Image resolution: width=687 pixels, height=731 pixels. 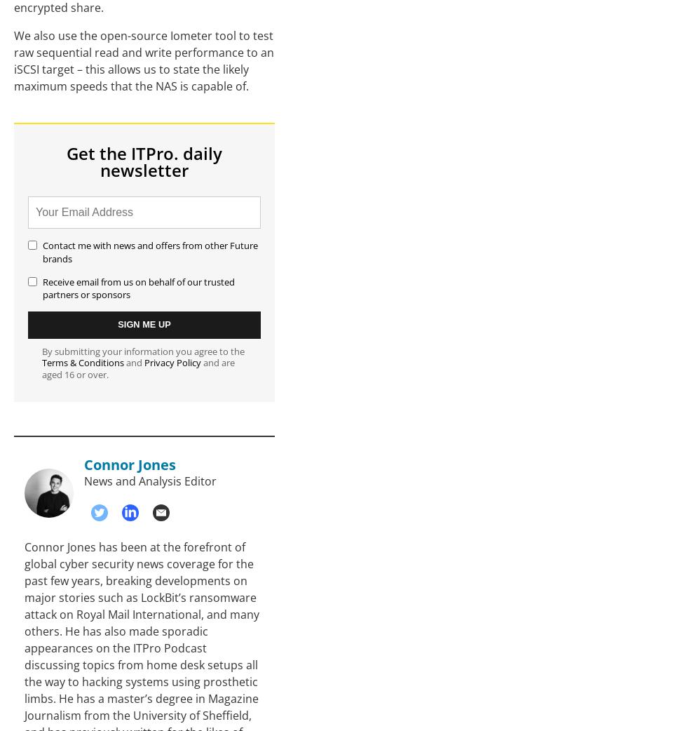 I want to click on 'Connor Jones', so click(x=83, y=464).